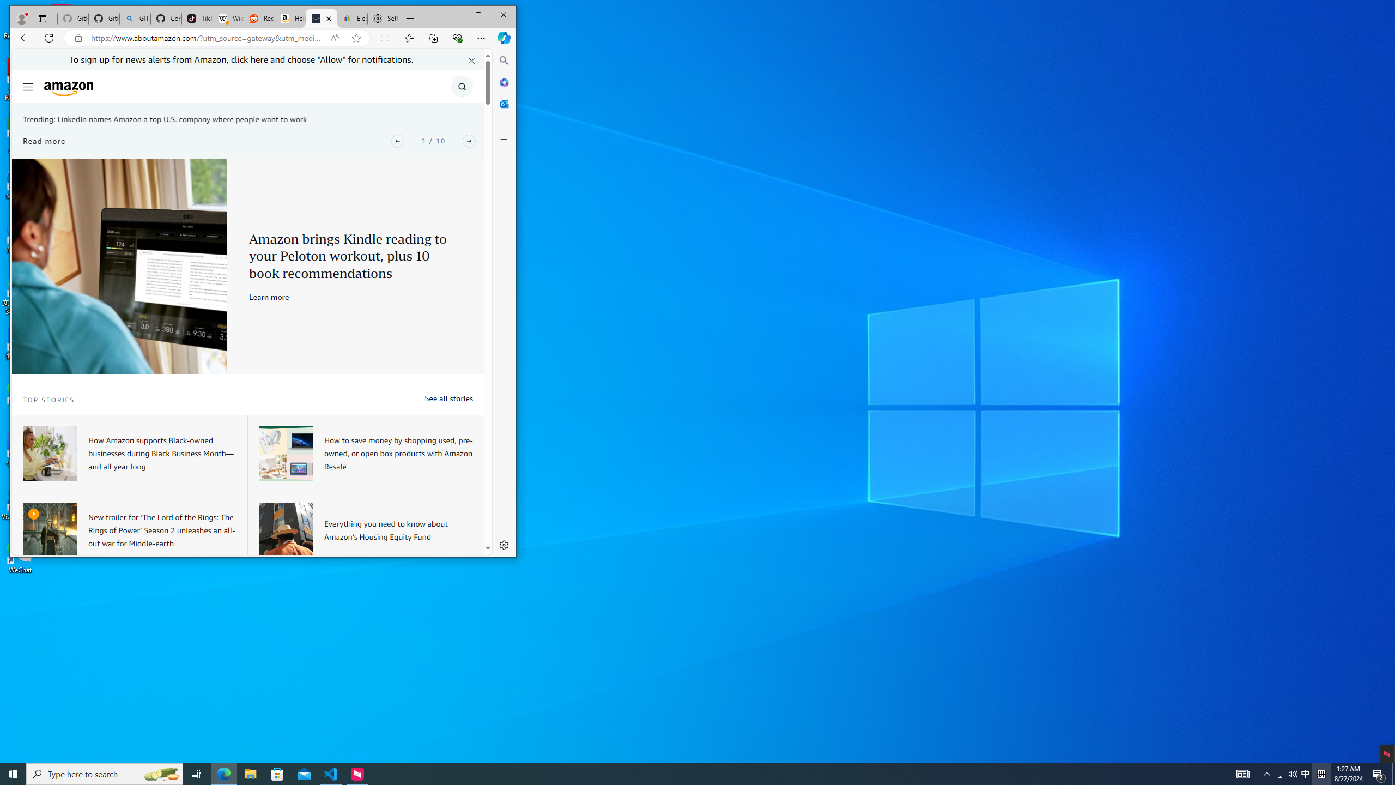  I want to click on 'Help & Contact Us - Amazon Customer Service', so click(290, 19).